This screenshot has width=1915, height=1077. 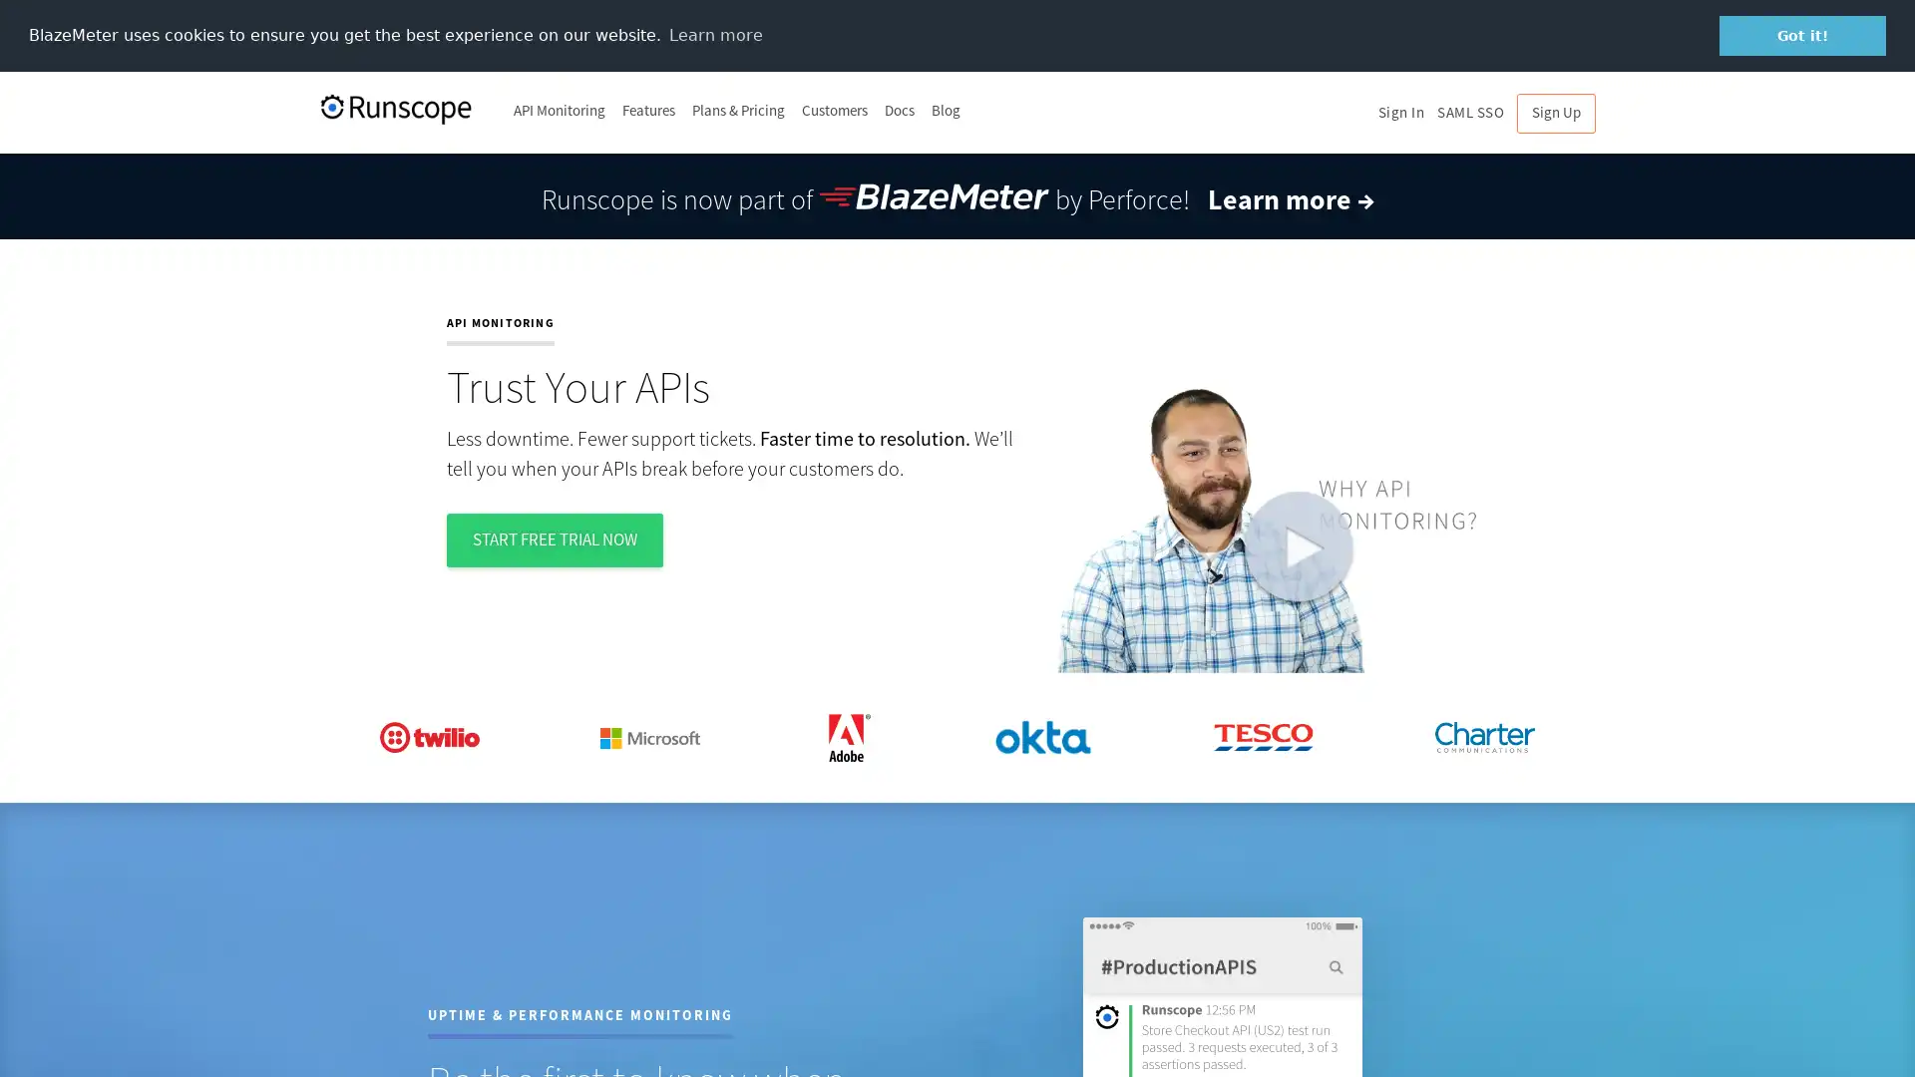 What do you see at coordinates (1802, 35) in the screenshot?
I see `dismiss cookie message` at bounding box center [1802, 35].